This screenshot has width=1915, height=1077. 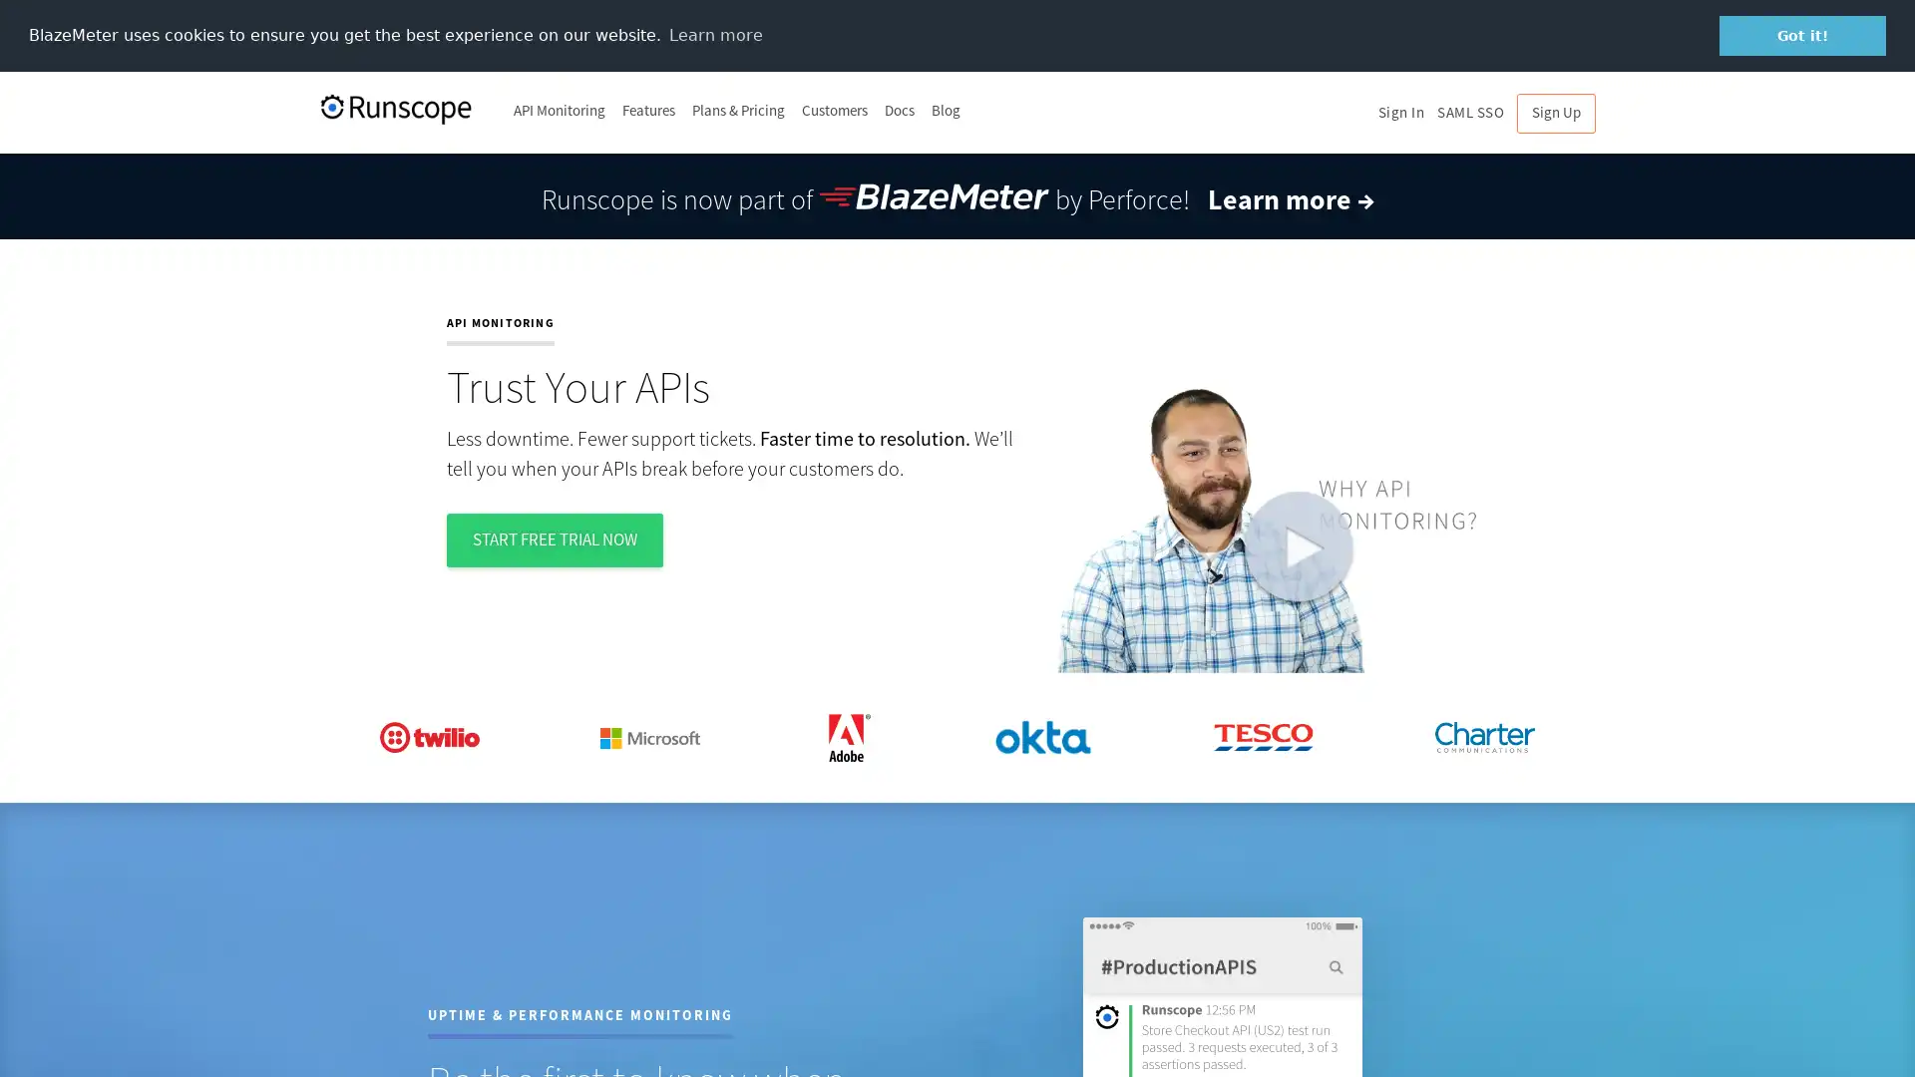 What do you see at coordinates (1802, 35) in the screenshot?
I see `dismiss cookie message` at bounding box center [1802, 35].